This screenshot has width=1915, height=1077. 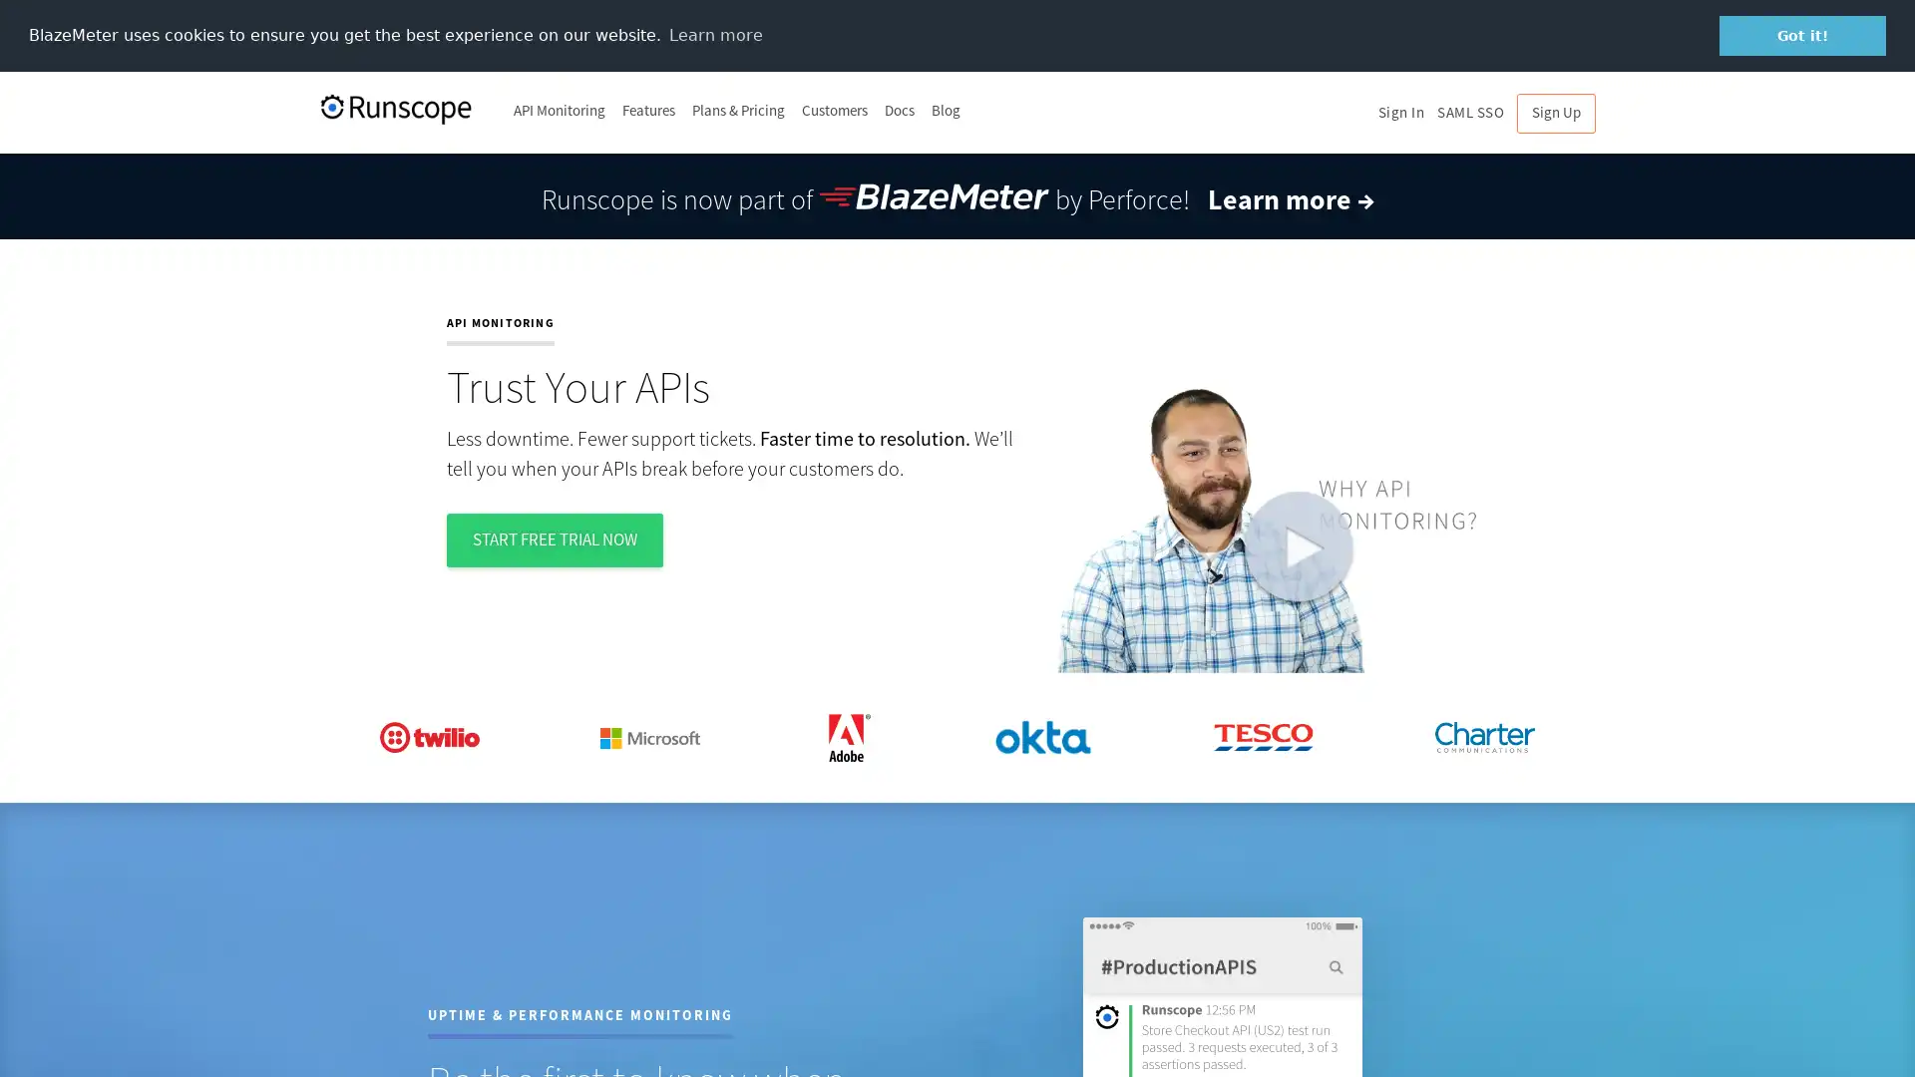 What do you see at coordinates (1802, 35) in the screenshot?
I see `dismiss cookie message` at bounding box center [1802, 35].